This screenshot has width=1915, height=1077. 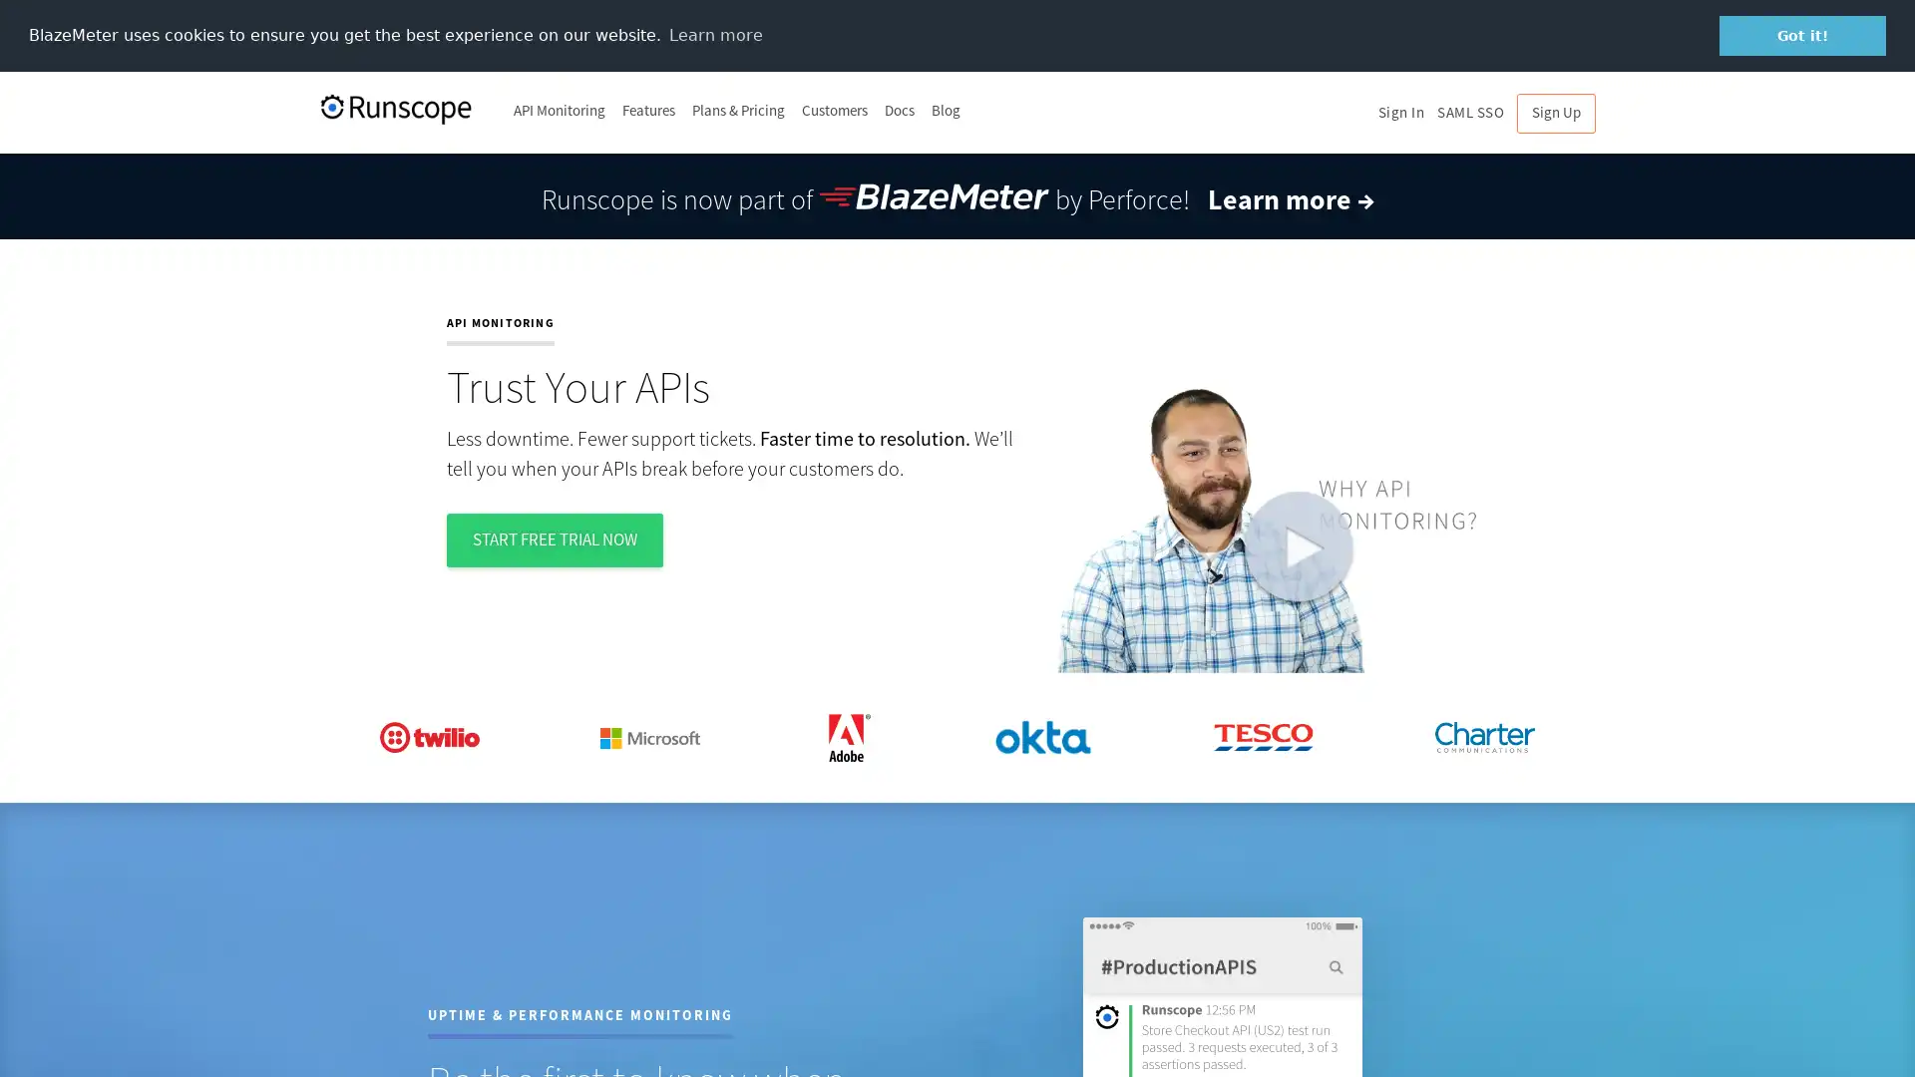 What do you see at coordinates (1802, 35) in the screenshot?
I see `dismiss cookie message` at bounding box center [1802, 35].